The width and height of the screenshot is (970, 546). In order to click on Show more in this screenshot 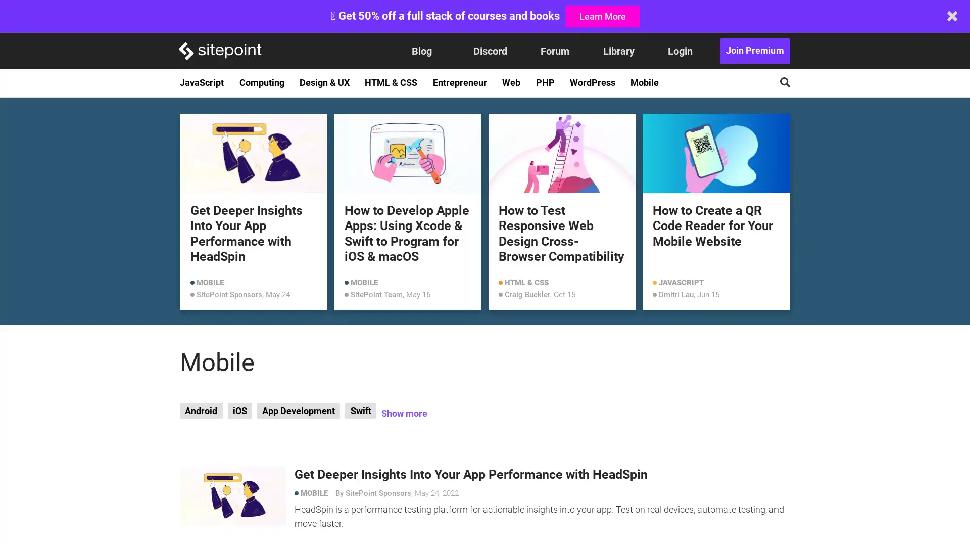, I will do `click(403, 414)`.